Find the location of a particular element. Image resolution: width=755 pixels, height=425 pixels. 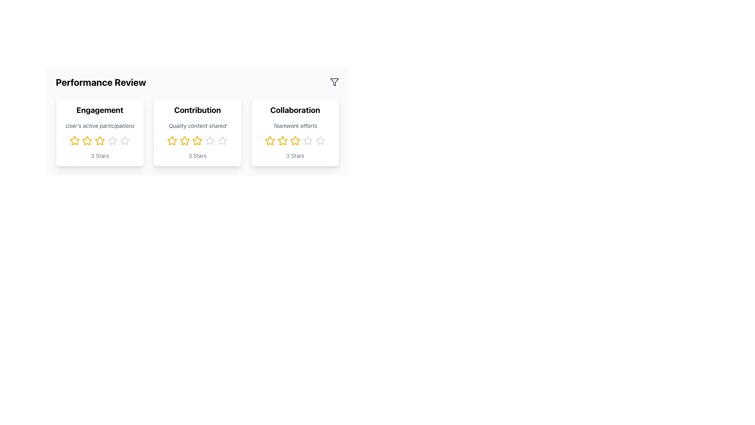

the second star in the five-star rating system for the 'Contribution' category is located at coordinates (172, 140).